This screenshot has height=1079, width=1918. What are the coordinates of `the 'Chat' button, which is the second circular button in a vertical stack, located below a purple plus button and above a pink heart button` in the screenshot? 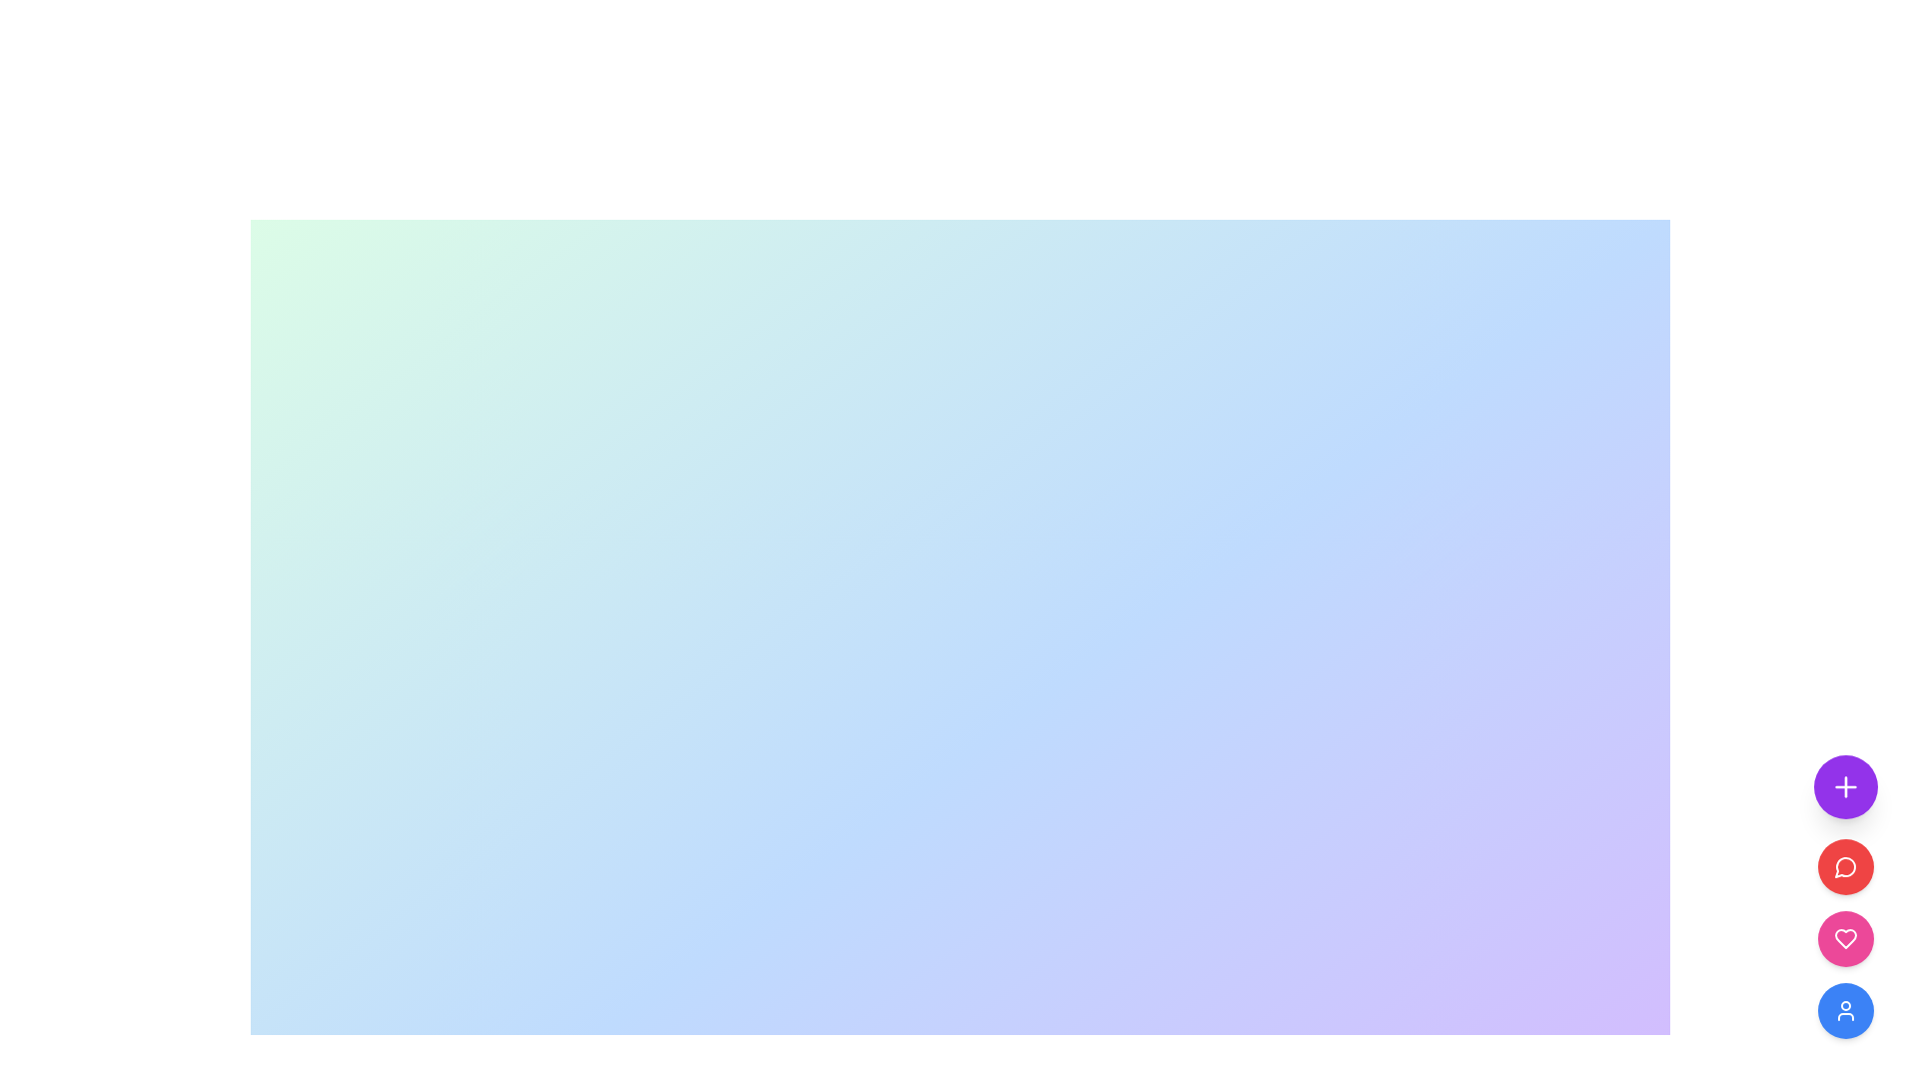 It's located at (1845, 865).